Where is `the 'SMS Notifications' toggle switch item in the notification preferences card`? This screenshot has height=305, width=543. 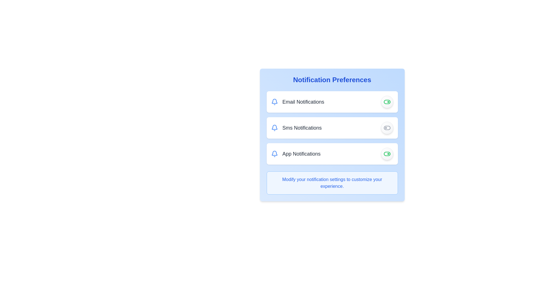
the 'SMS Notifications' toggle switch item in the notification preferences card is located at coordinates (332, 135).